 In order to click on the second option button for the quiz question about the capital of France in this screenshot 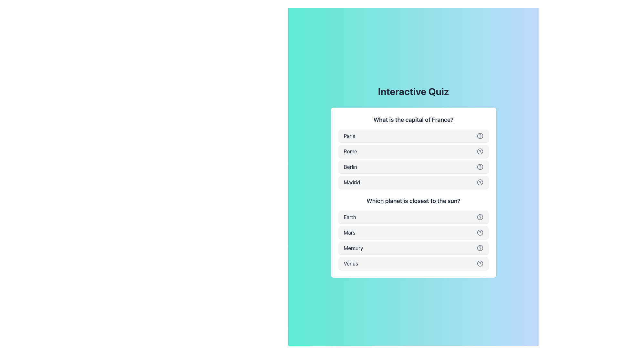, I will do `click(413, 151)`.